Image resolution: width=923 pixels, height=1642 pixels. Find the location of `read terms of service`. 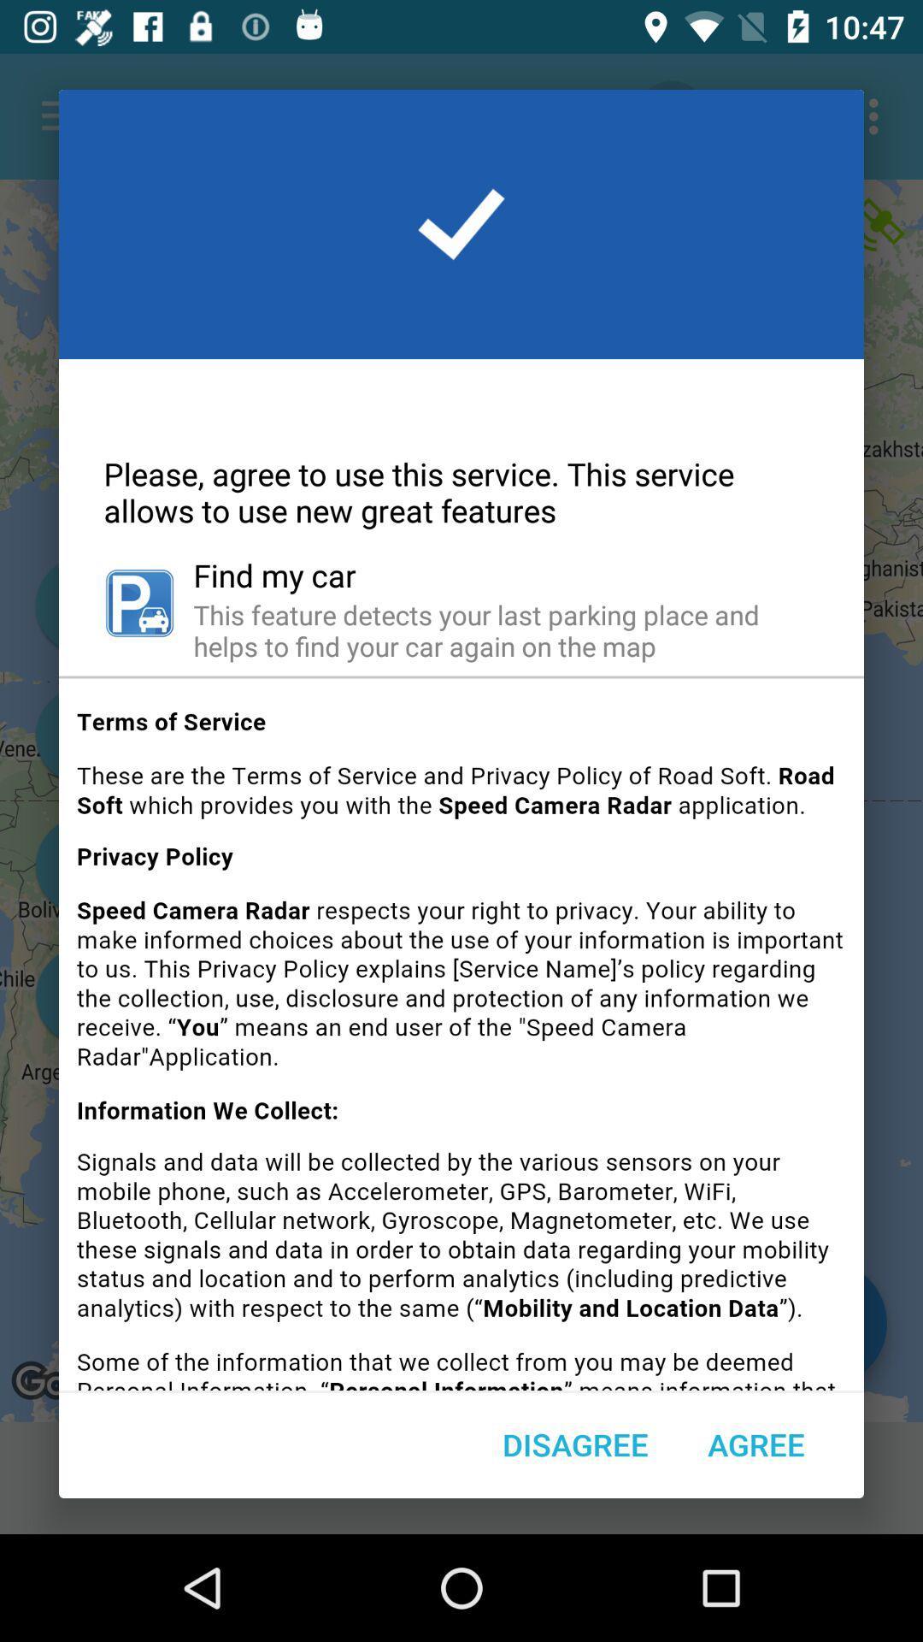

read terms of service is located at coordinates (461, 1039).